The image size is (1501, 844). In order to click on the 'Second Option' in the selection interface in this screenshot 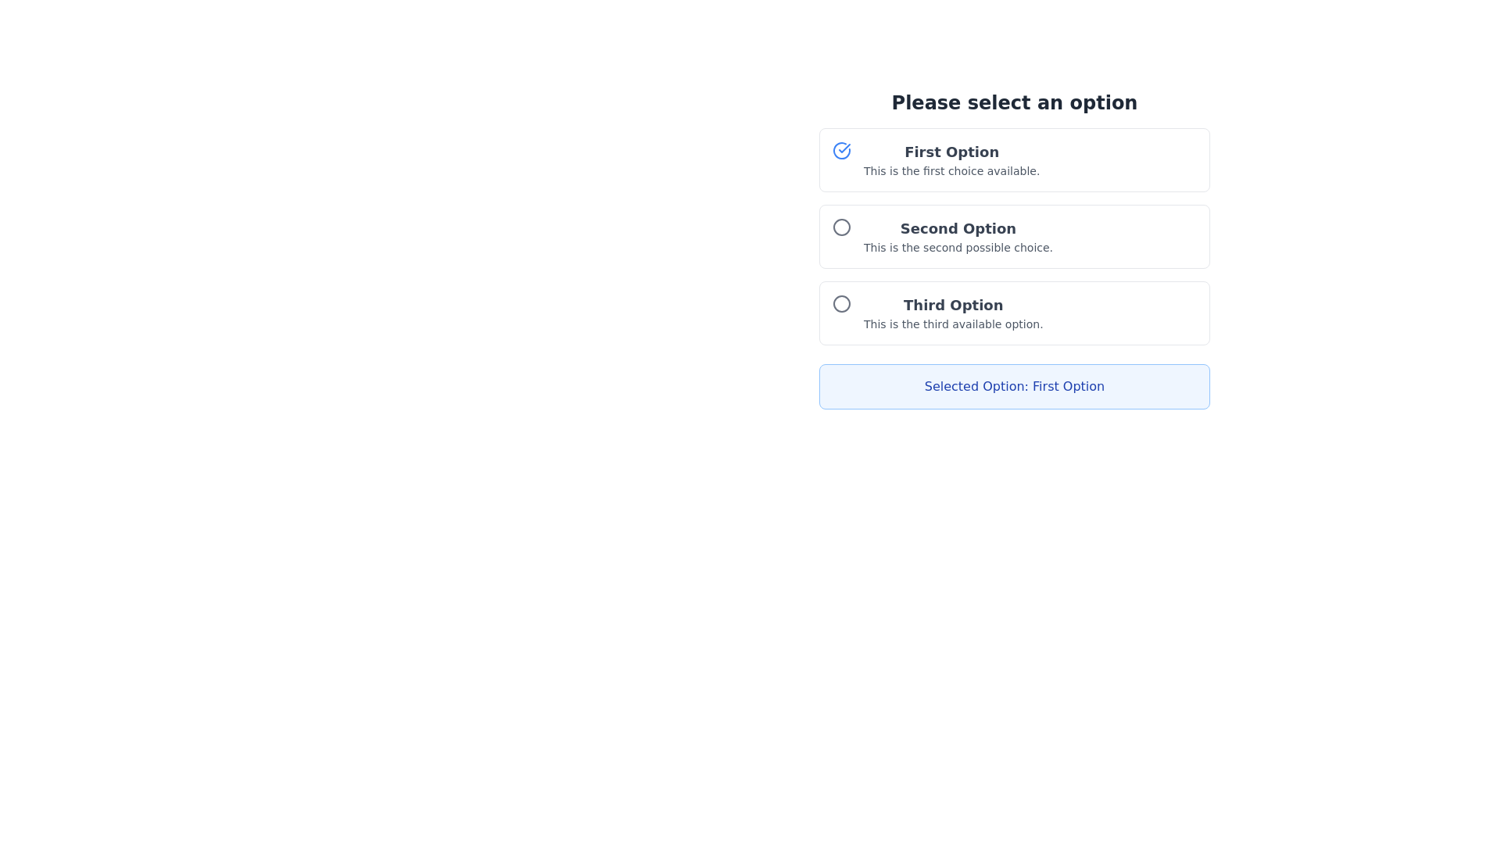, I will do `click(1014, 234)`.